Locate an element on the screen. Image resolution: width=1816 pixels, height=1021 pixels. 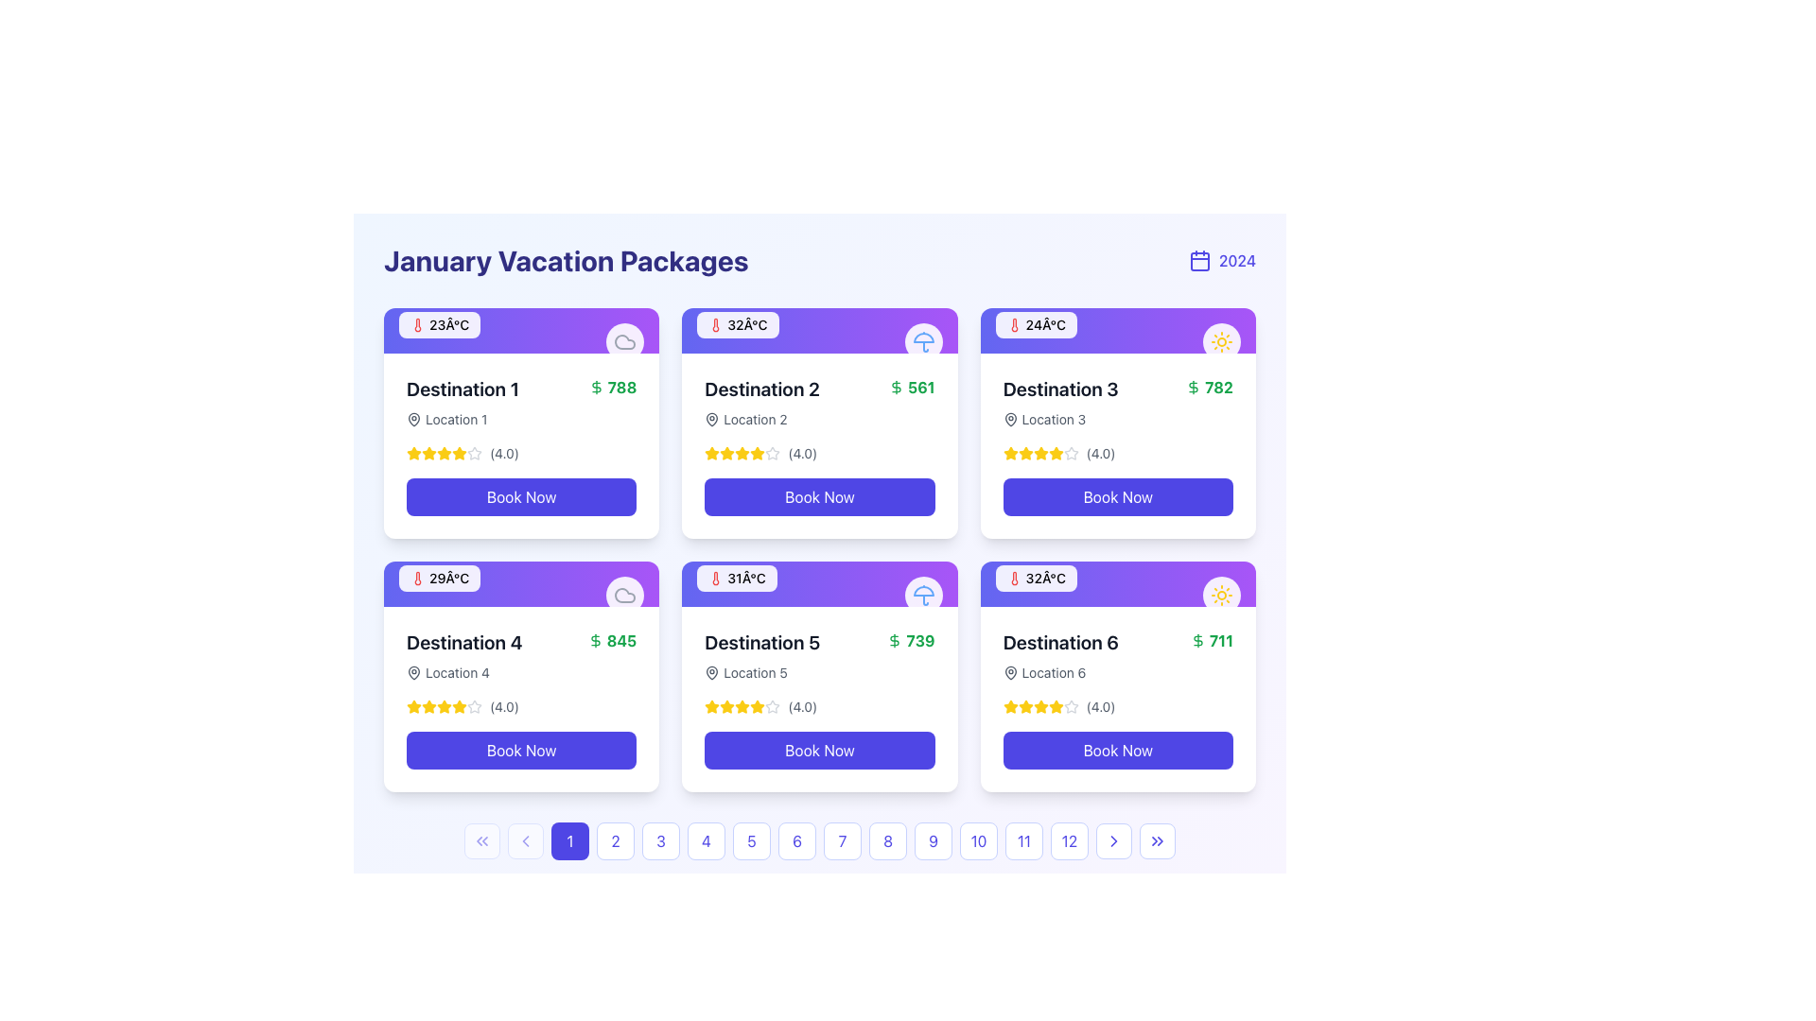
the Information Label indicating the temperature of 'Destination 6', located in the bottom-right corner of the last card in the header section is located at coordinates (1035, 578).